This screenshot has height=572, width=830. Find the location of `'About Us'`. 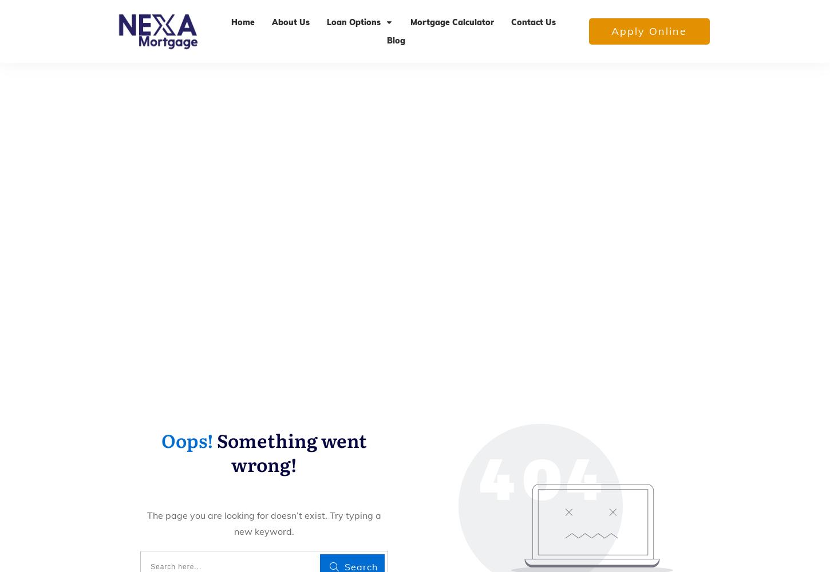

'About Us' is located at coordinates (290, 22).